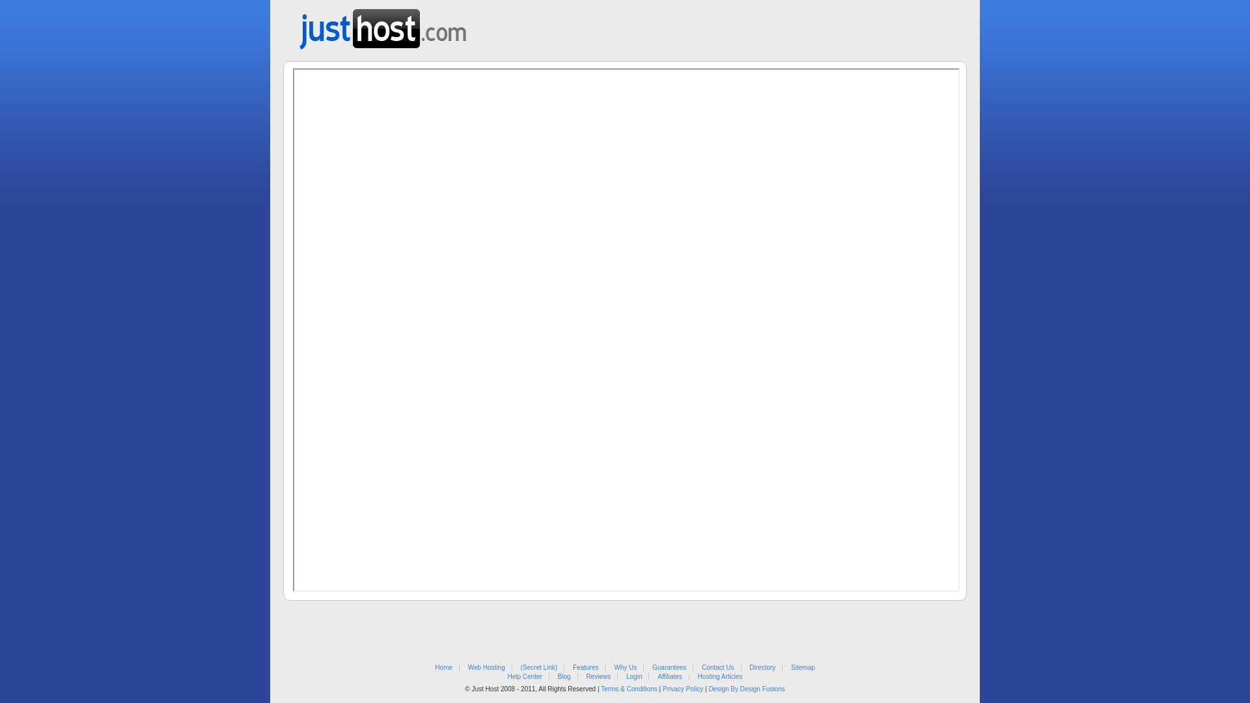 This screenshot has width=1250, height=703. I want to click on 'Login', so click(626, 676).